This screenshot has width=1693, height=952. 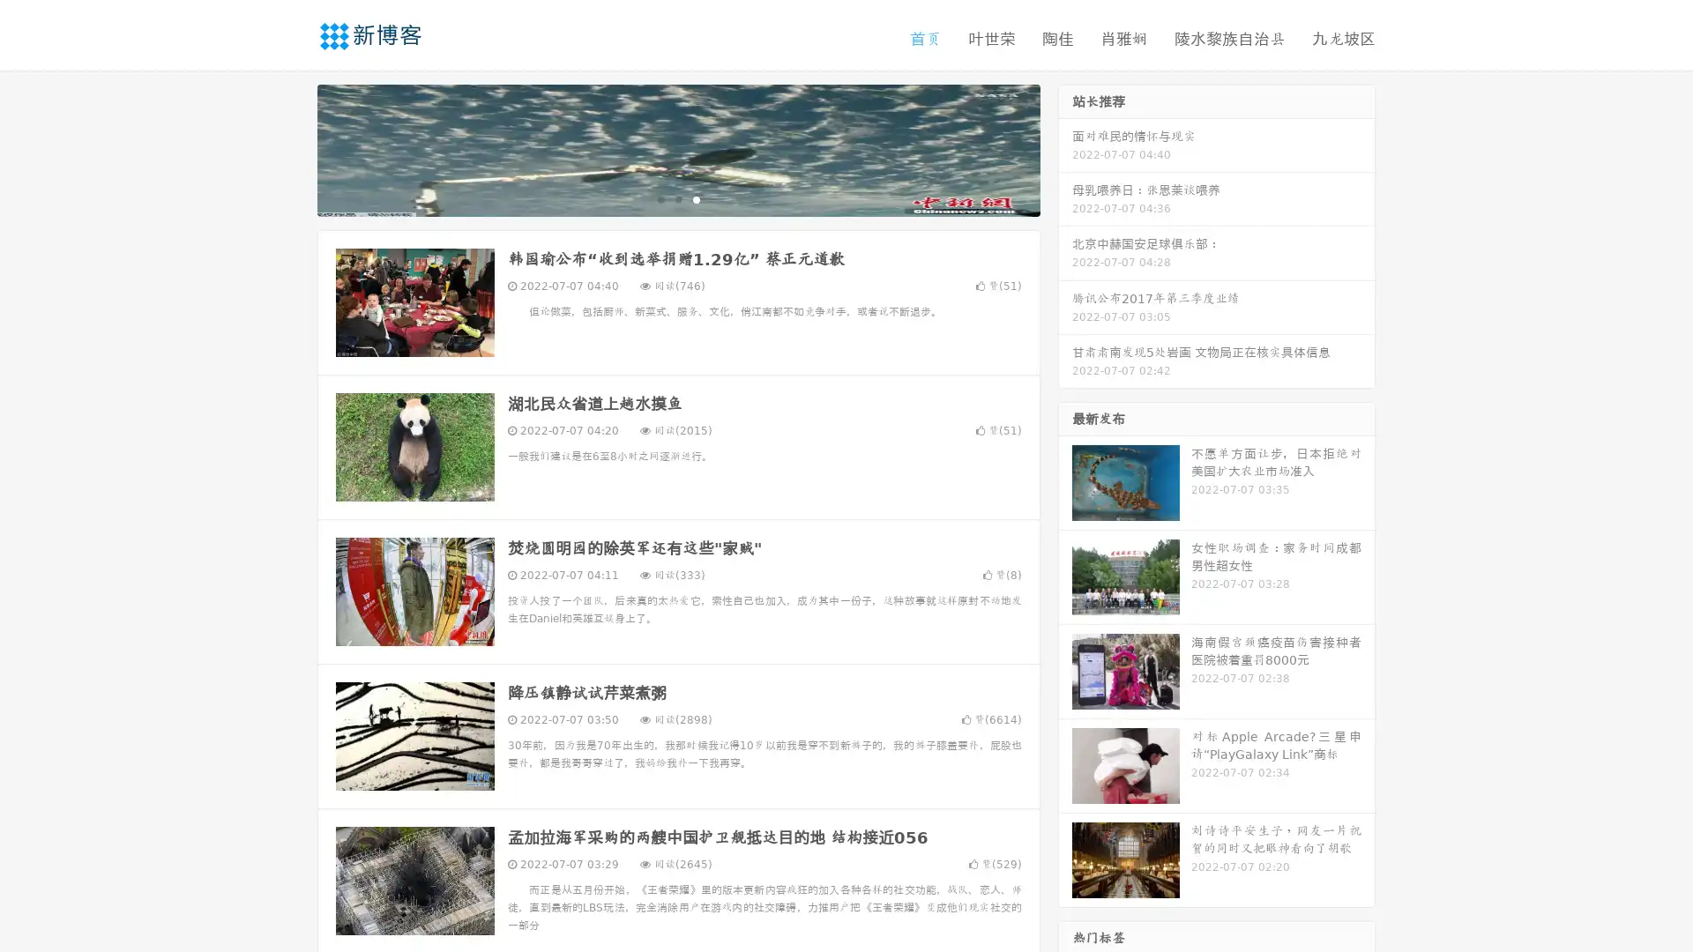 I want to click on Go to slide 3, so click(x=696, y=198).